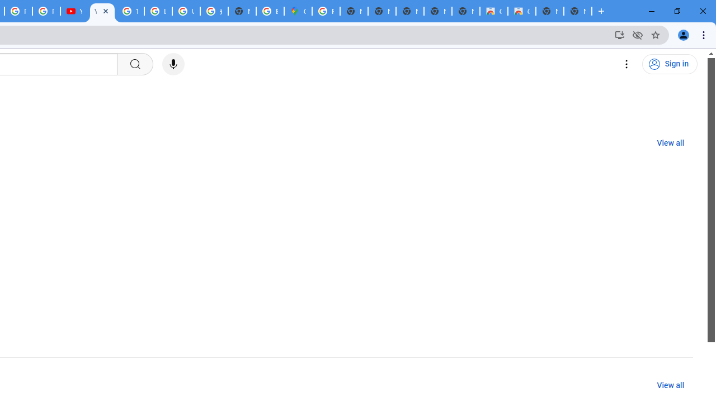  What do you see at coordinates (130, 11) in the screenshot?
I see `'Tips & tricks for Chrome - Google Chrome Help'` at bounding box center [130, 11].